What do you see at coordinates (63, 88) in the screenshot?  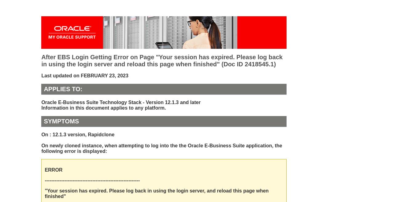 I see `'Applies to:'` at bounding box center [63, 88].